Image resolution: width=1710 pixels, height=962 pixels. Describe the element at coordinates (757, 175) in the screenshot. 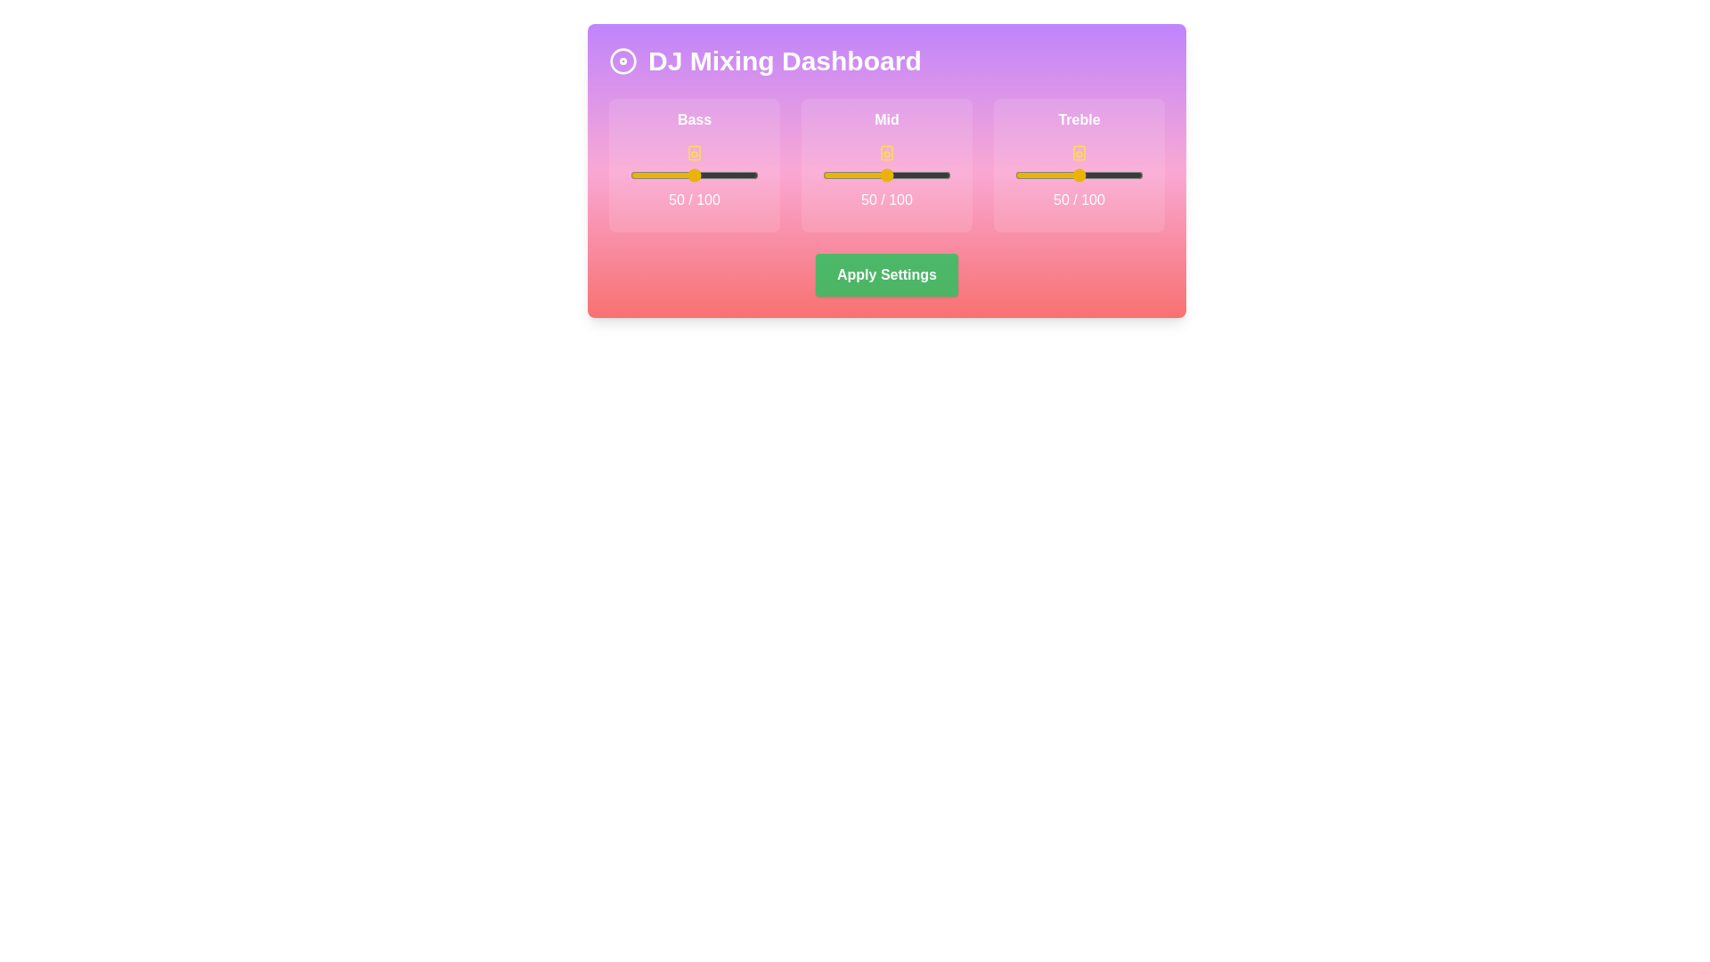

I see `the bass slider to set its value to 99` at that location.